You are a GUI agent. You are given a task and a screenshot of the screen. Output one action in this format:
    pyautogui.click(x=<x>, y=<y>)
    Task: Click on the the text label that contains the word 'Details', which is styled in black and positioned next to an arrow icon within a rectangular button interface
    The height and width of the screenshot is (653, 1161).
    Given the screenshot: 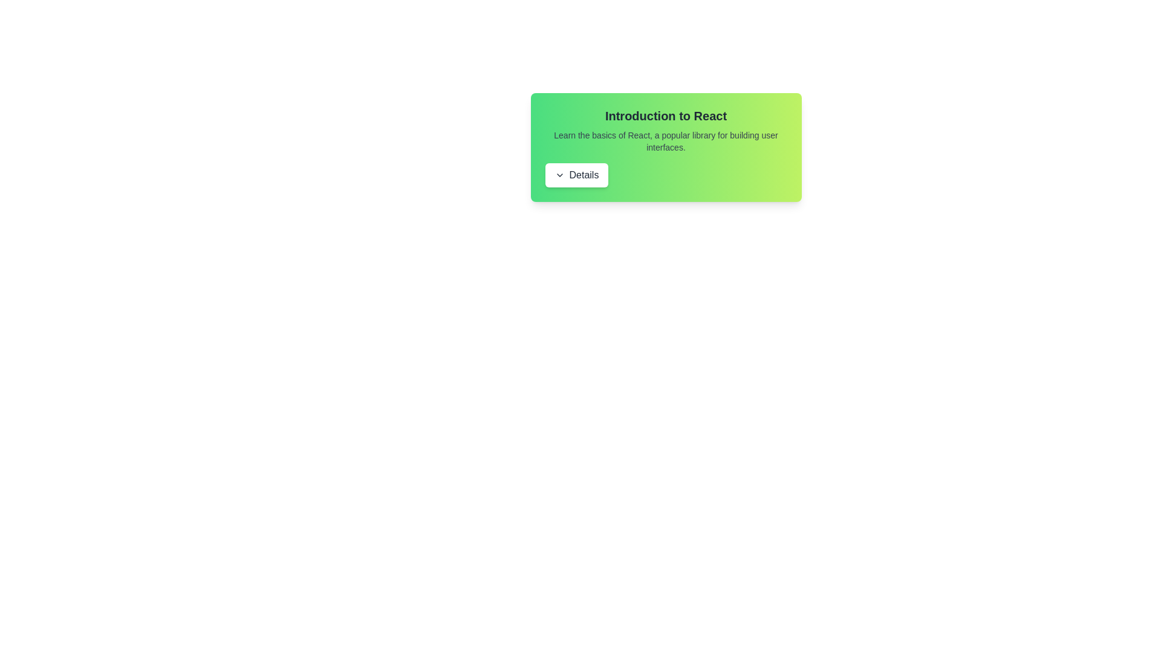 What is the action you would take?
    pyautogui.click(x=584, y=175)
    